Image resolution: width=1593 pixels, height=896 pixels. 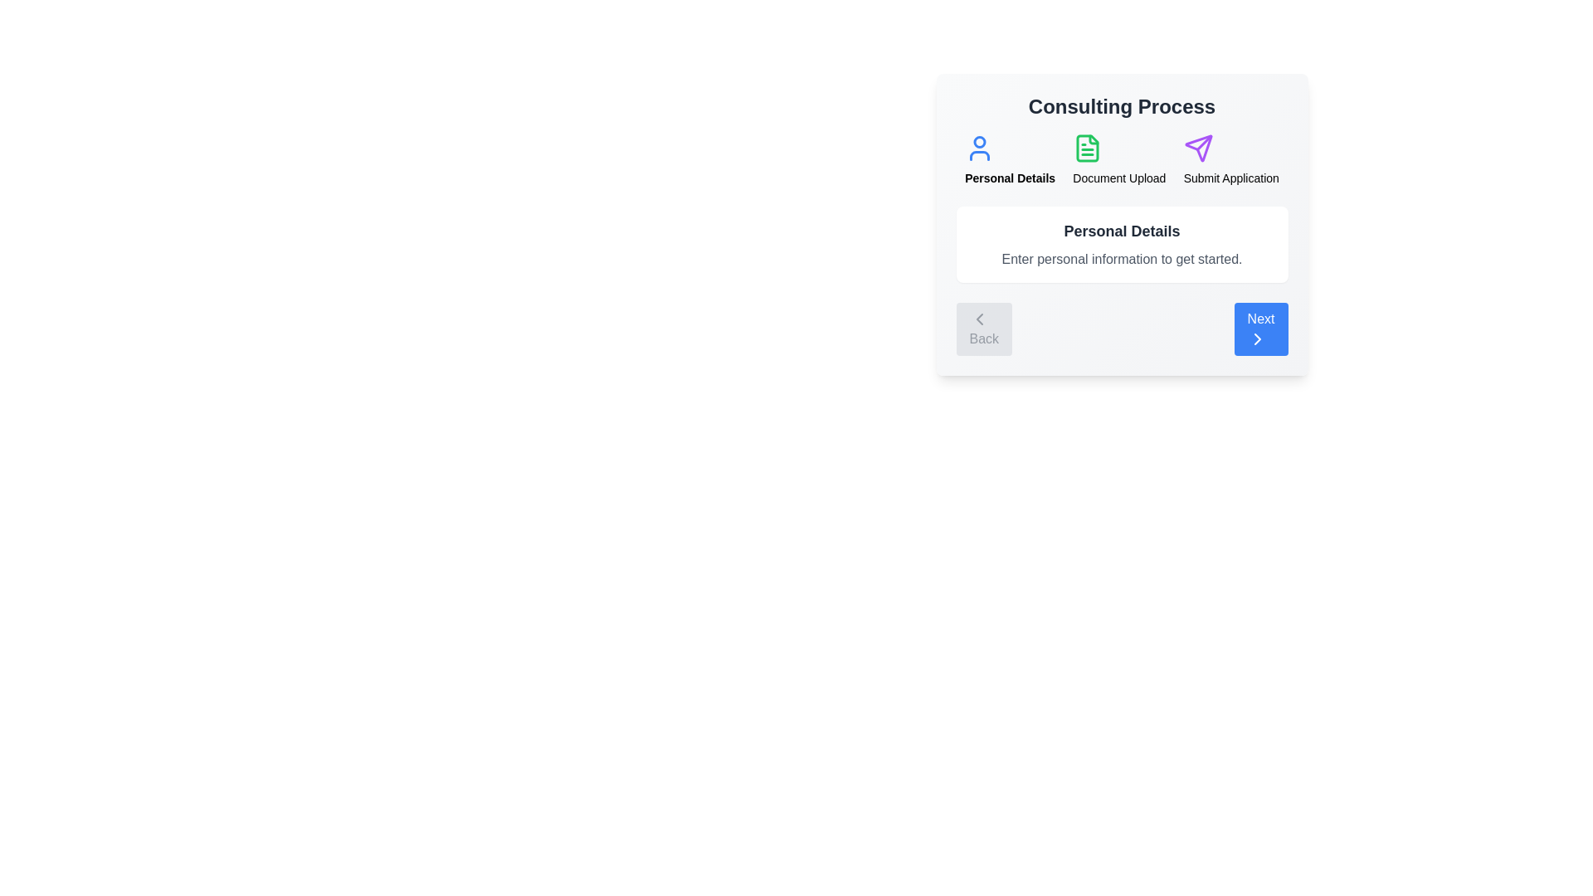 I want to click on the step Personal Details by clicking its icon, so click(x=980, y=147).